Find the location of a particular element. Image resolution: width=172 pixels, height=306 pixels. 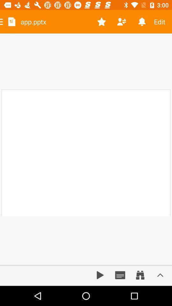

open item is located at coordinates (160, 275).